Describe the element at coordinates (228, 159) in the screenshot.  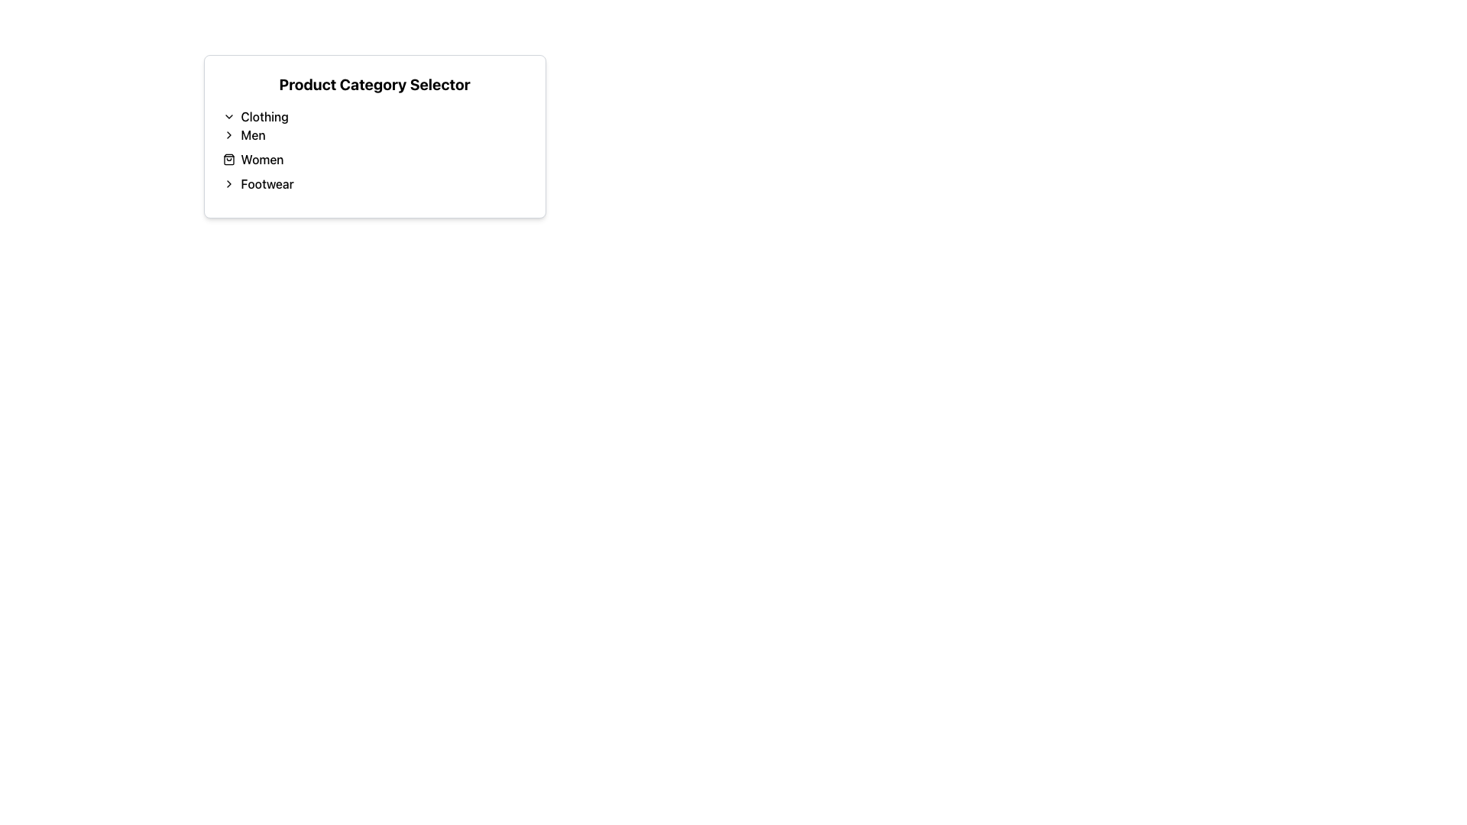
I see `the 'Women' category icon located to the left of the 'Women' label in the vertical list under the 'Product Category Selector' title` at that location.